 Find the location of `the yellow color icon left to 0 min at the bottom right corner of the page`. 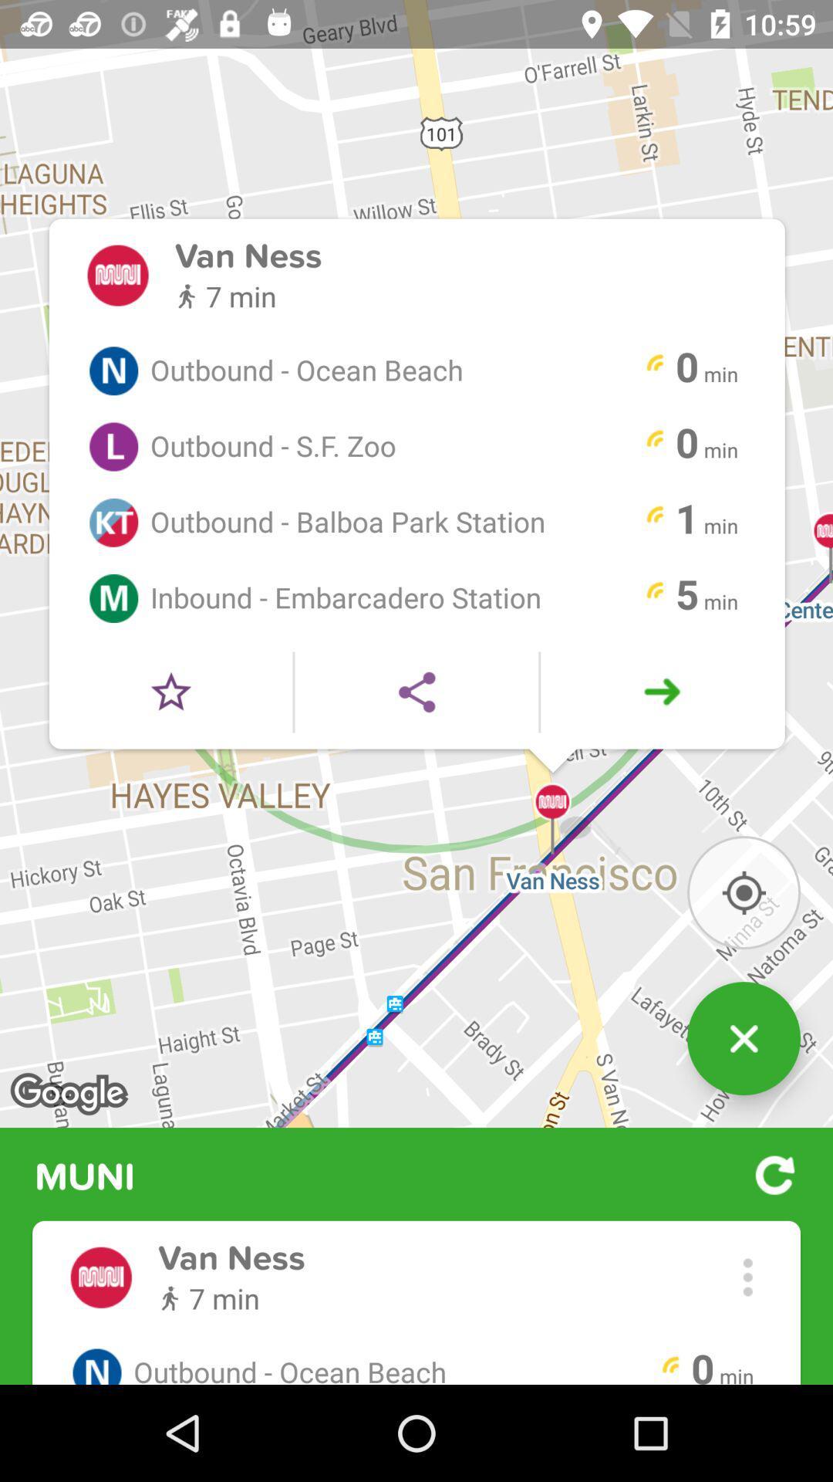

the yellow color icon left to 0 min at the bottom right corner of the page is located at coordinates (670, 1367).